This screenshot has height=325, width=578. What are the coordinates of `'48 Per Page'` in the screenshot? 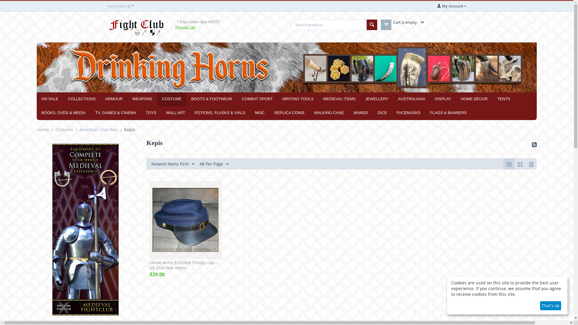 It's located at (214, 164).